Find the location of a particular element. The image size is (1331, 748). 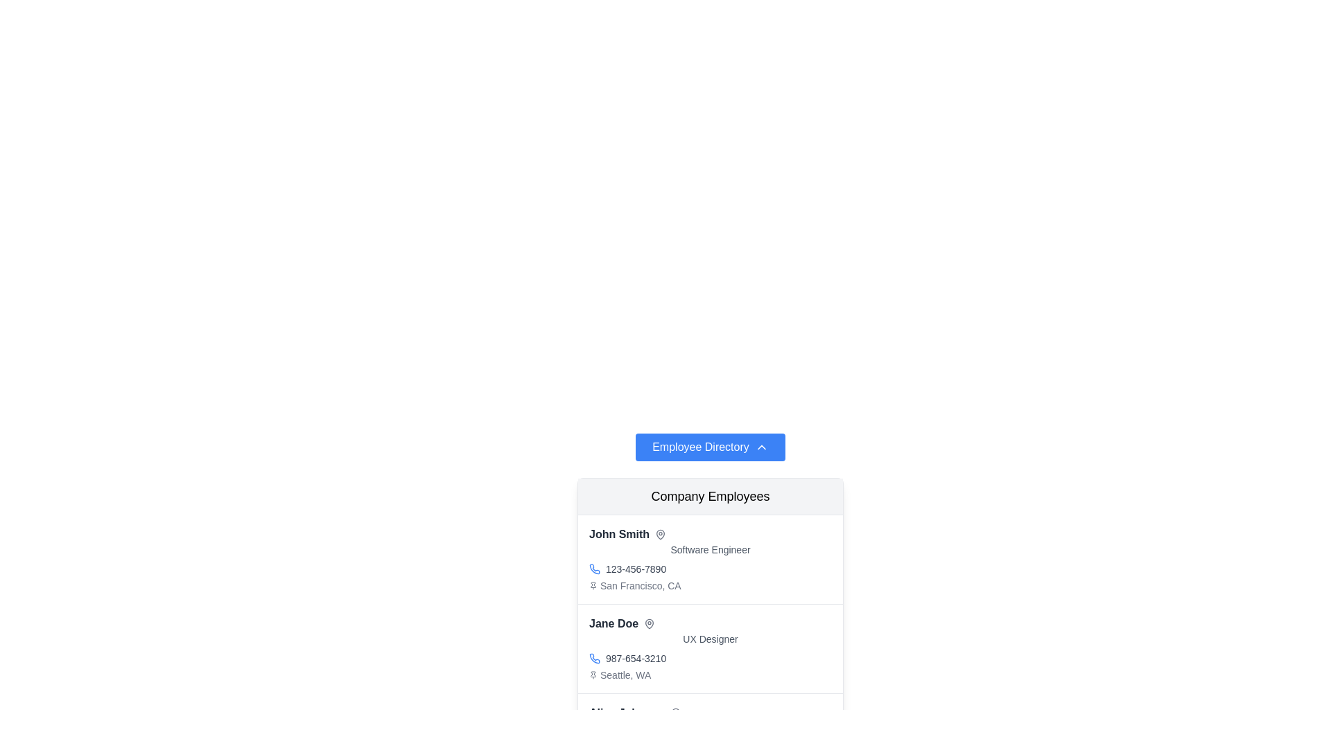

the upward vector arrow icon located to the right of the 'Employee Directory' text inside the blue button is located at coordinates (760, 447).